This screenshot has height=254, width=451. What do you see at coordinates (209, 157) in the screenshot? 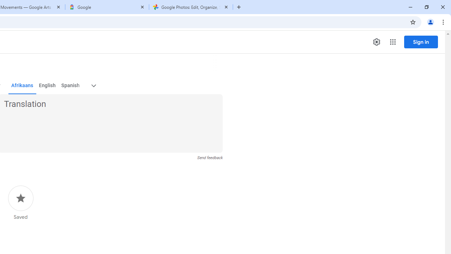
I see `'Send feedback'` at bounding box center [209, 157].